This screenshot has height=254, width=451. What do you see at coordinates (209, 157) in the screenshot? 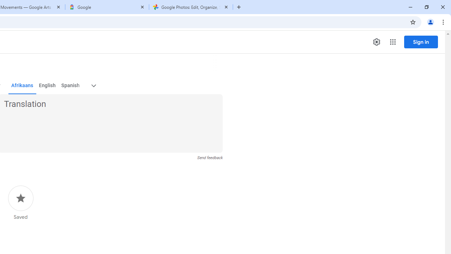
I see `'Send feedback'` at bounding box center [209, 157].